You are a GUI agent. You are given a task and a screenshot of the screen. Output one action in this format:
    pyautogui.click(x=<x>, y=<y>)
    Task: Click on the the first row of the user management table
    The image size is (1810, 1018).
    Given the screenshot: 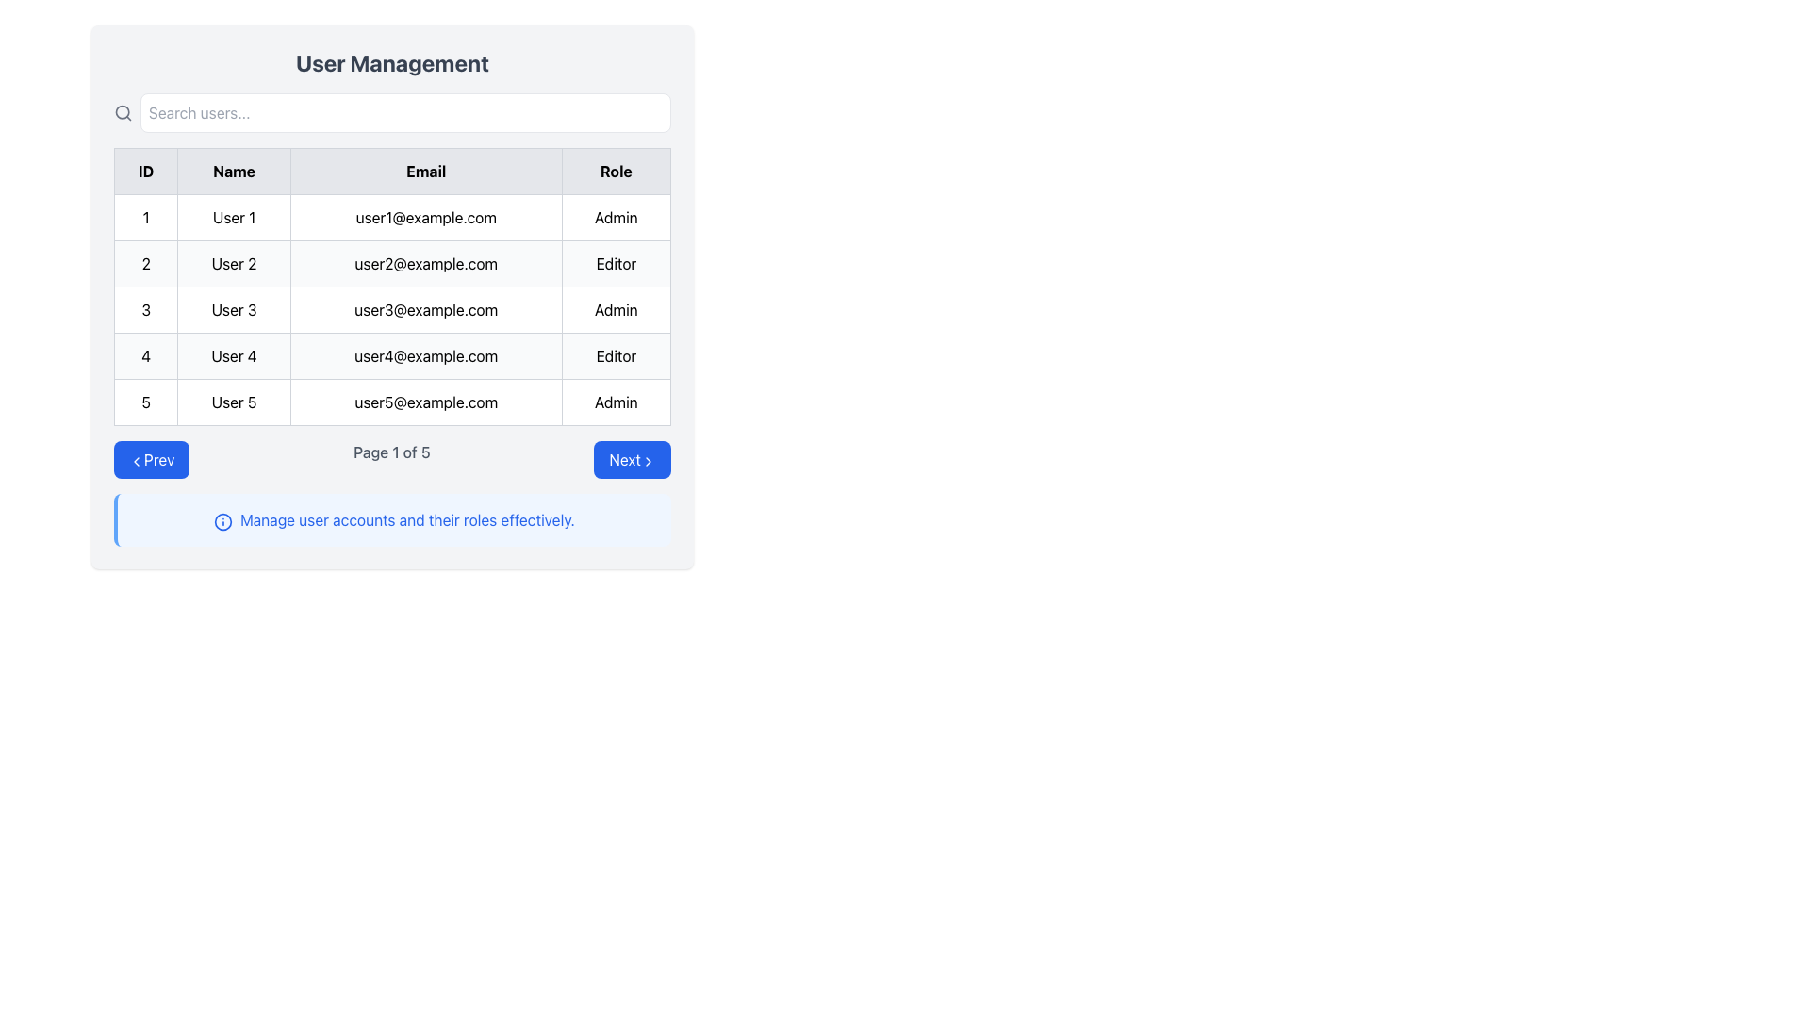 What is the action you would take?
    pyautogui.click(x=391, y=217)
    